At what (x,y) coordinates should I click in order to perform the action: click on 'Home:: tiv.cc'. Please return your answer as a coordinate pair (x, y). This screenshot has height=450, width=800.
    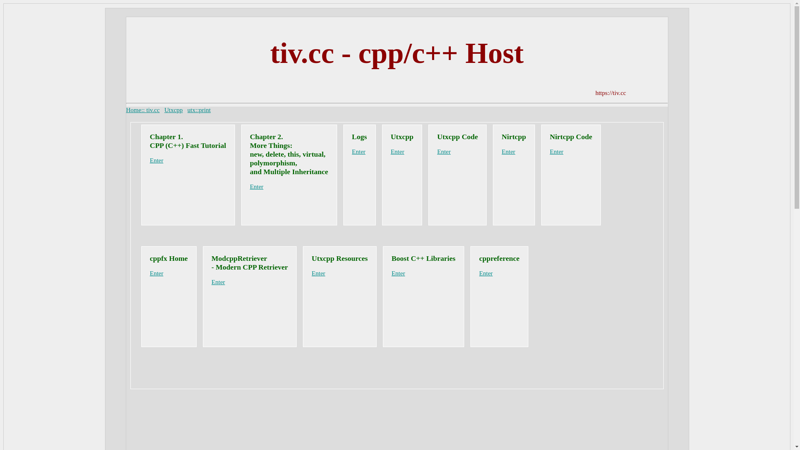
    Looking at the image, I should click on (142, 109).